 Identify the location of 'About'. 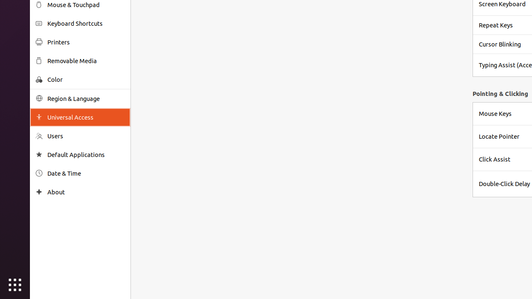
(86, 192).